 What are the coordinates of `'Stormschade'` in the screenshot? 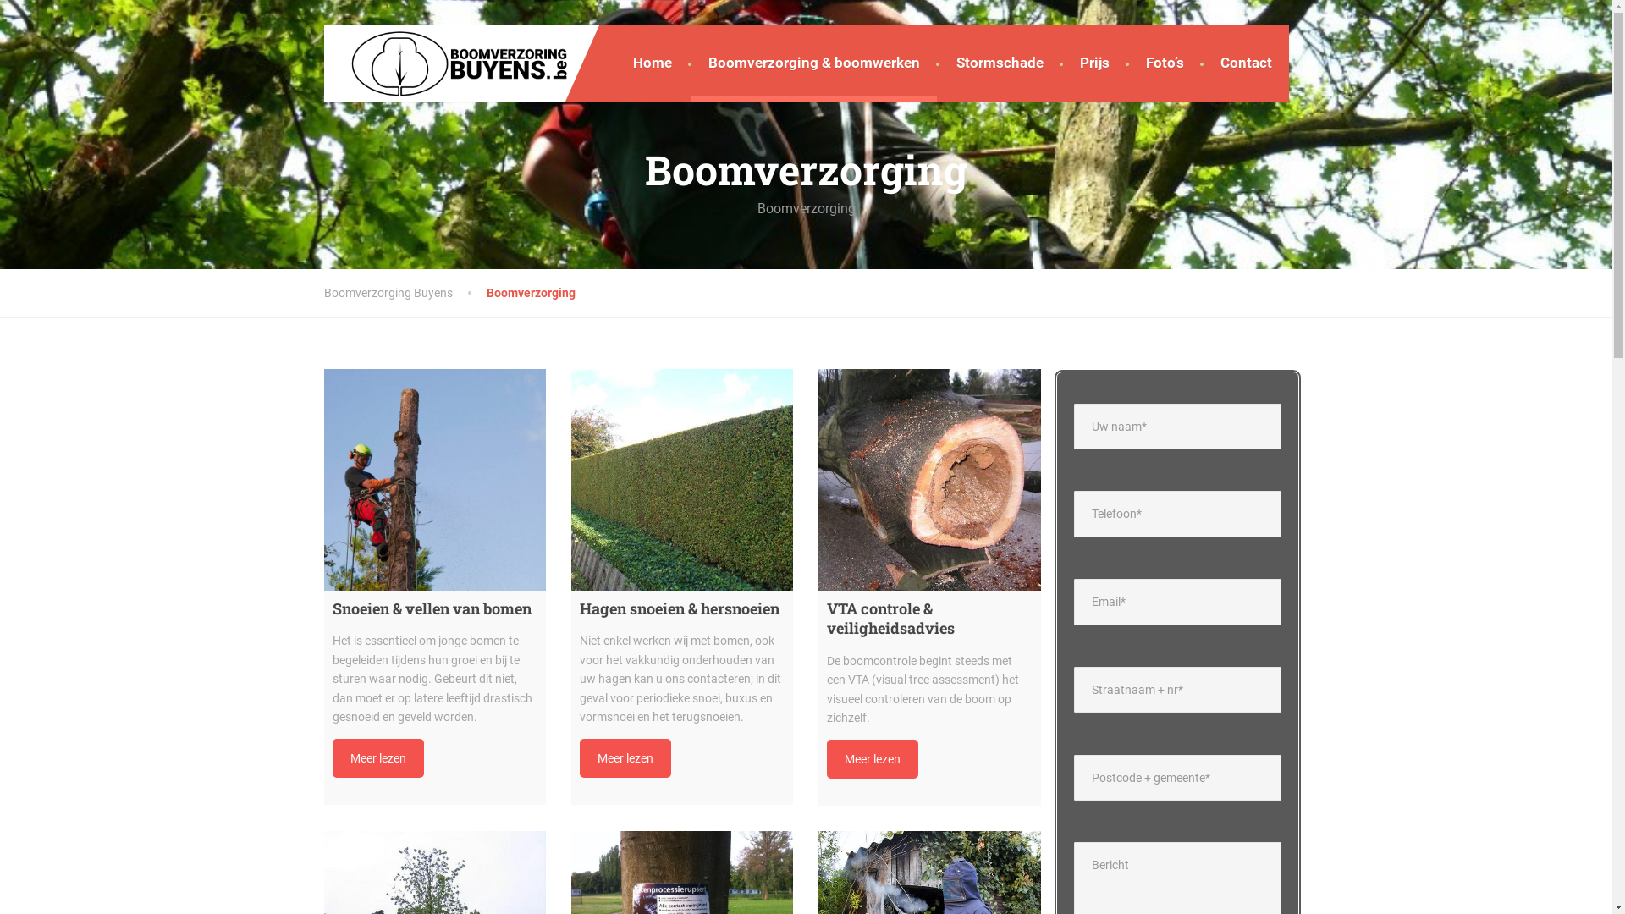 It's located at (1000, 62).